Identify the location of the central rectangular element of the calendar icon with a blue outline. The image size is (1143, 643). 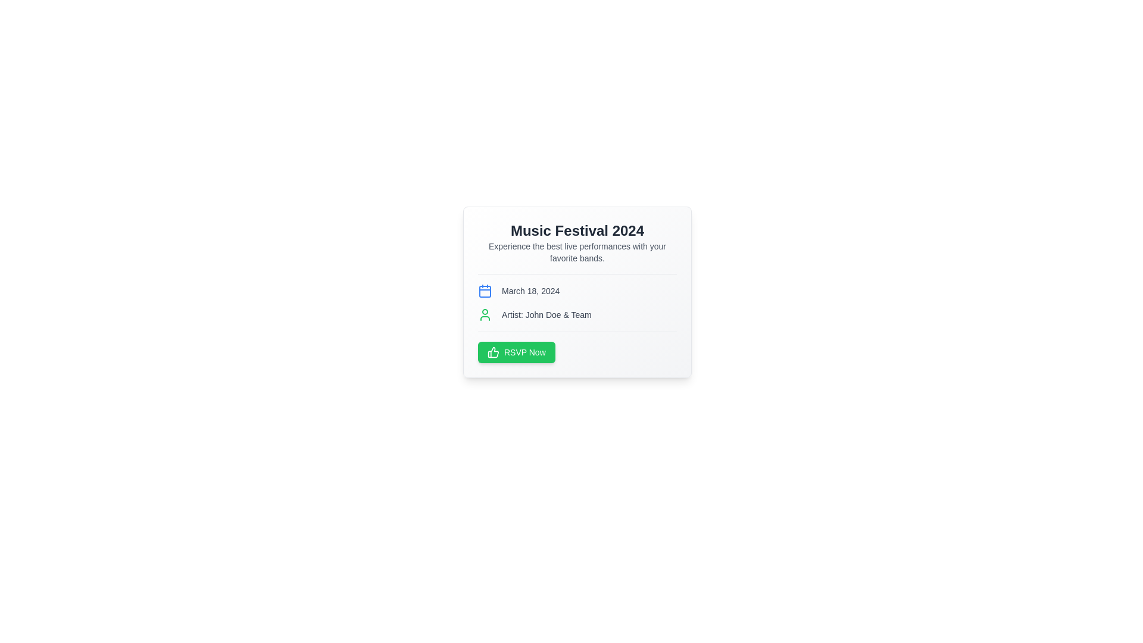
(485, 291).